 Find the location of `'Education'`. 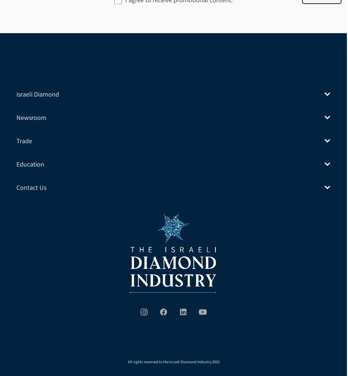

'Education' is located at coordinates (30, 163).